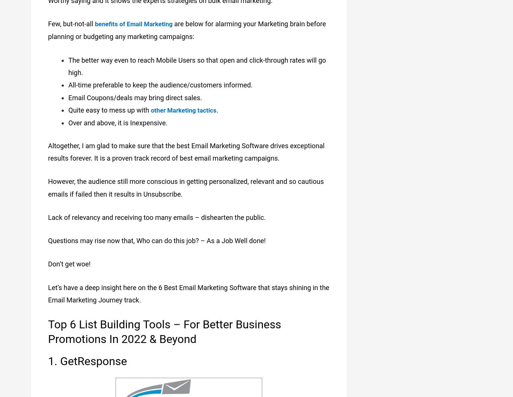 Image resolution: width=513 pixels, height=397 pixels. What do you see at coordinates (47, 292) in the screenshot?
I see `'Let’s have a deep insight here on the 6 Best Email Marketing Software that stays shining in the Email Marketing Journey track.'` at bounding box center [47, 292].